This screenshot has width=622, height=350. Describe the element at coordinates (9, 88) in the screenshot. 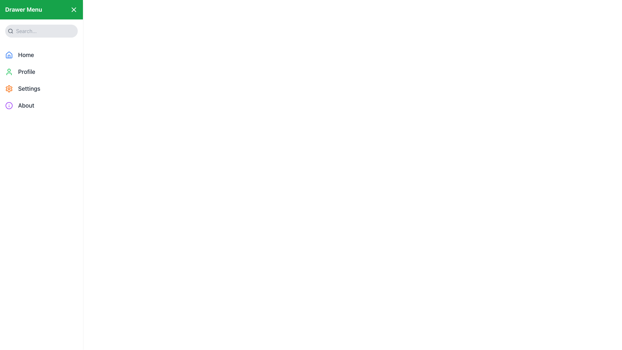

I see `the orange gear-shaped icon indicating settings, located to the left of the 'Settings' text in the side navigation menu` at that location.